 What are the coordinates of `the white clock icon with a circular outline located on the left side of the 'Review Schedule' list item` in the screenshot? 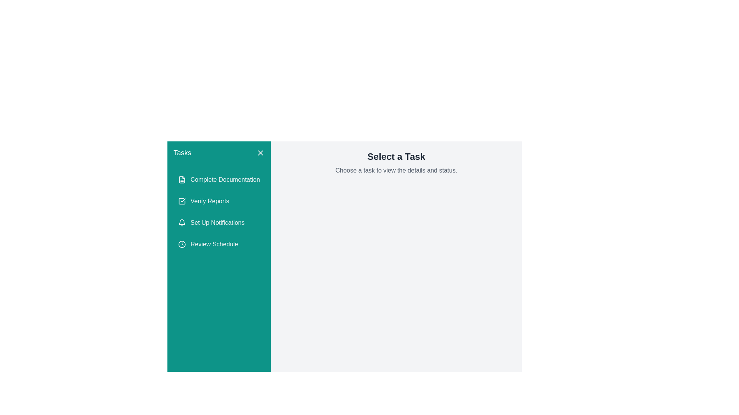 It's located at (182, 244).